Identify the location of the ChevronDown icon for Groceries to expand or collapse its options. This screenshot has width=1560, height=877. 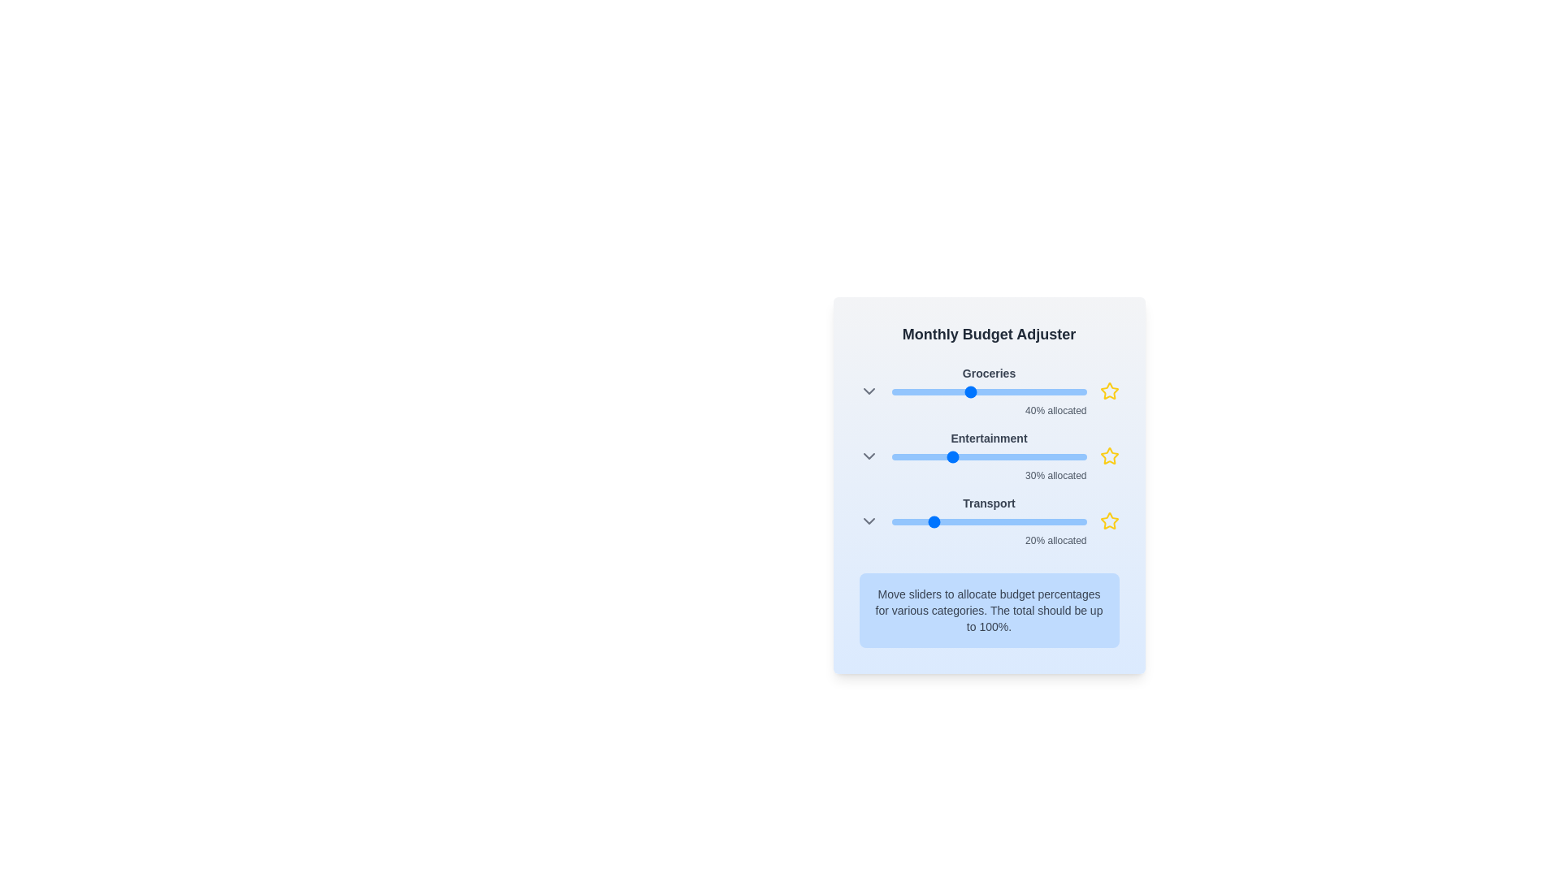
(868, 391).